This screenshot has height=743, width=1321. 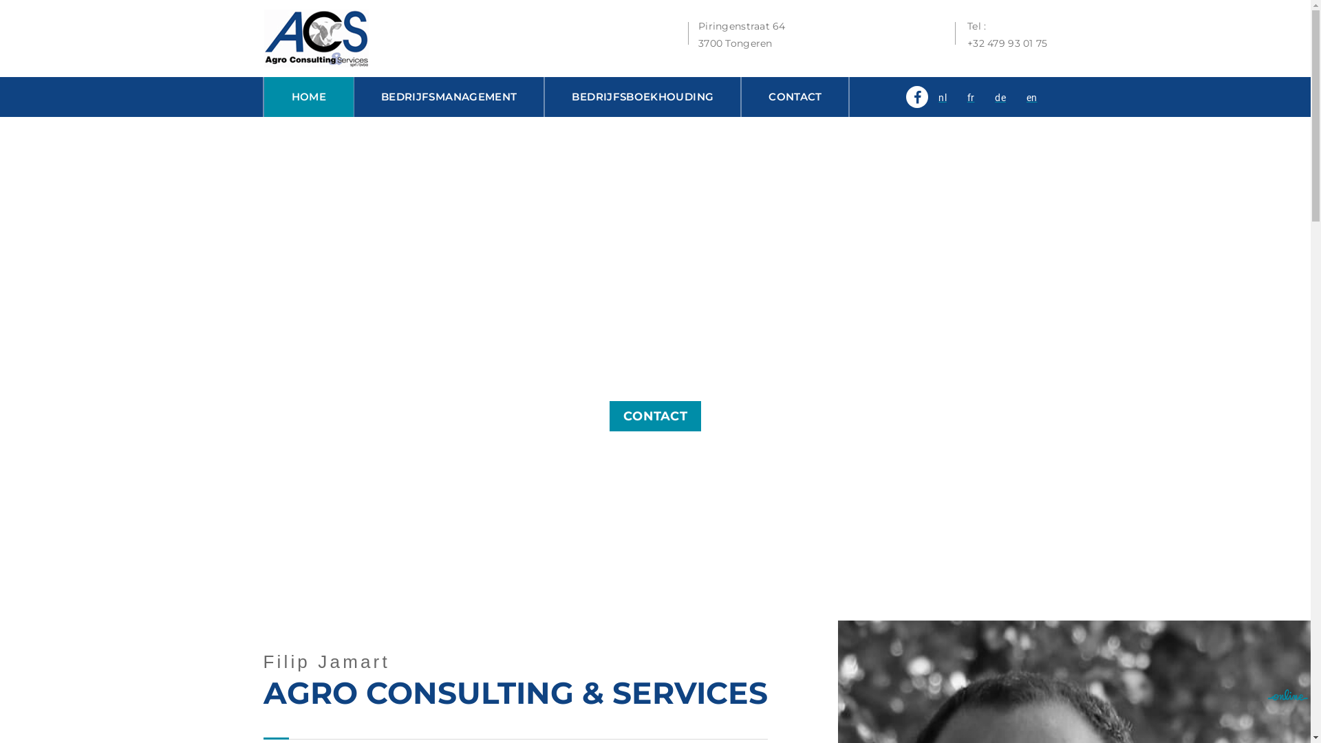 I want to click on 'Agro Consulting & Services - Agrarische consulting', so click(x=314, y=36).